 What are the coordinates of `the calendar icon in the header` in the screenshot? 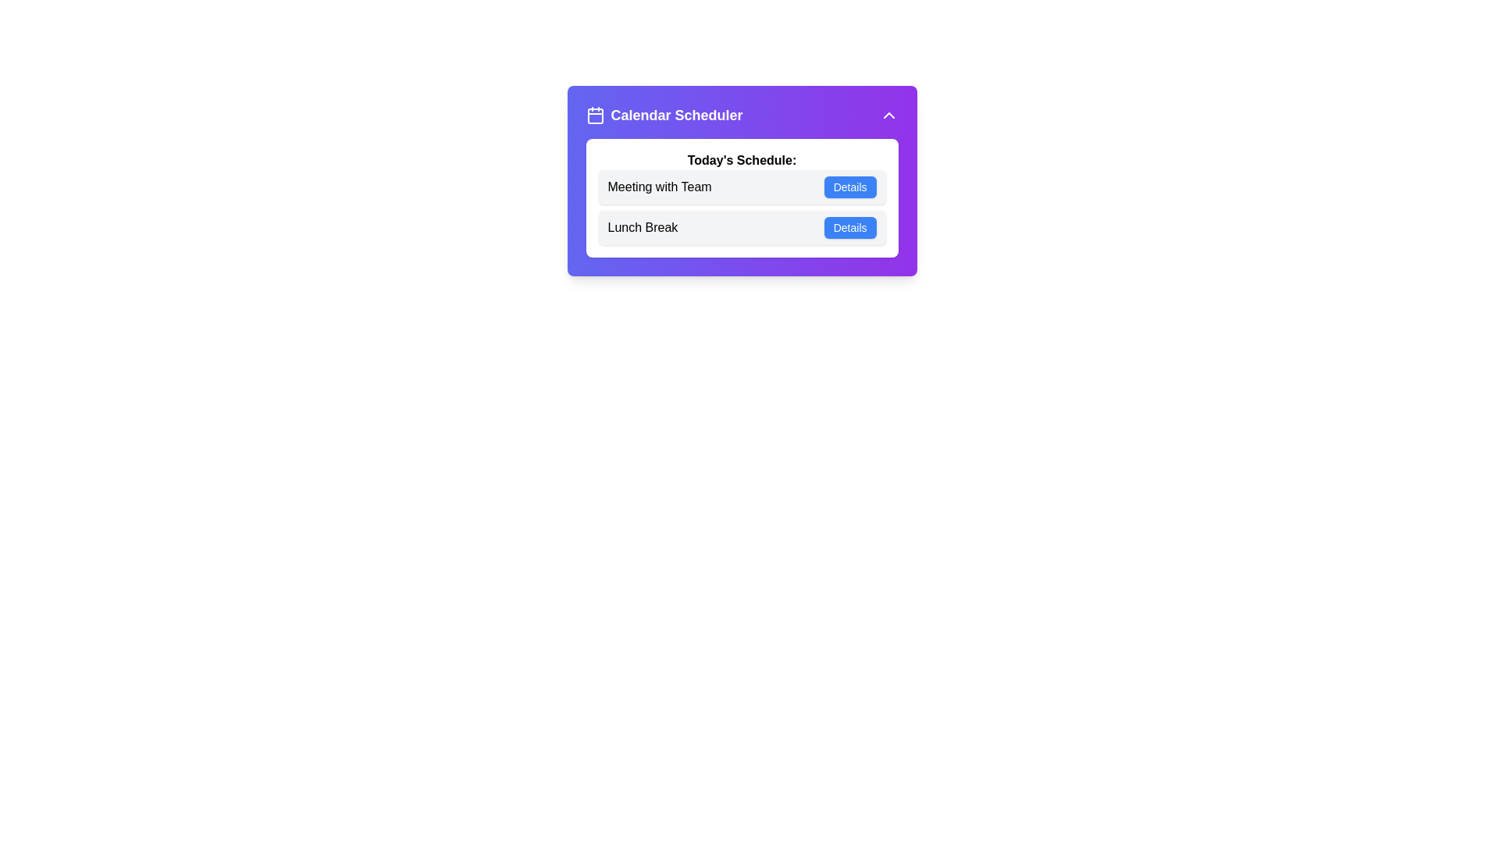 It's located at (594, 114).